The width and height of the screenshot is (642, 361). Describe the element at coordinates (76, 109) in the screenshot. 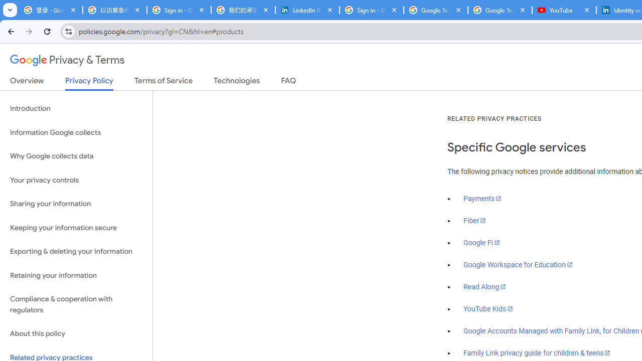

I see `'Introduction'` at that location.